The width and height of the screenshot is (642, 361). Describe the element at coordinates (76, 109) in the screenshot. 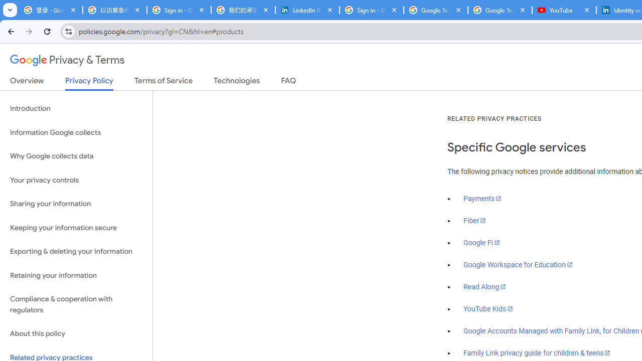

I see `'Introduction'` at that location.